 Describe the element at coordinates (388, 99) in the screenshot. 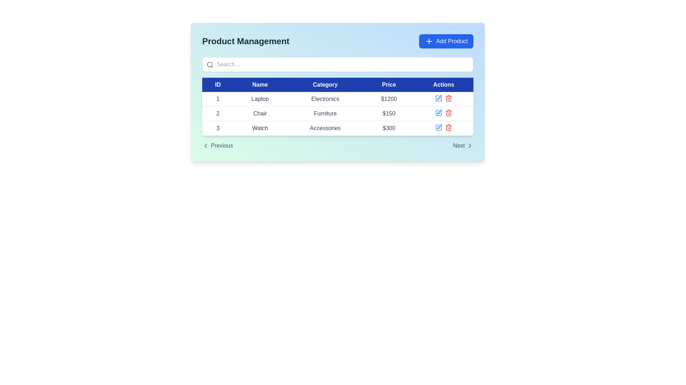

I see `the price text element displaying '$1200' located in the 'Price' column of the first product row` at that location.